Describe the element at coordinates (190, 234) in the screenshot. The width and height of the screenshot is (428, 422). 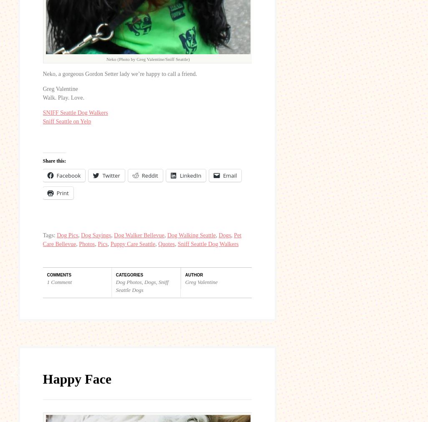
I see `'Dog Walking Seattle'` at that location.